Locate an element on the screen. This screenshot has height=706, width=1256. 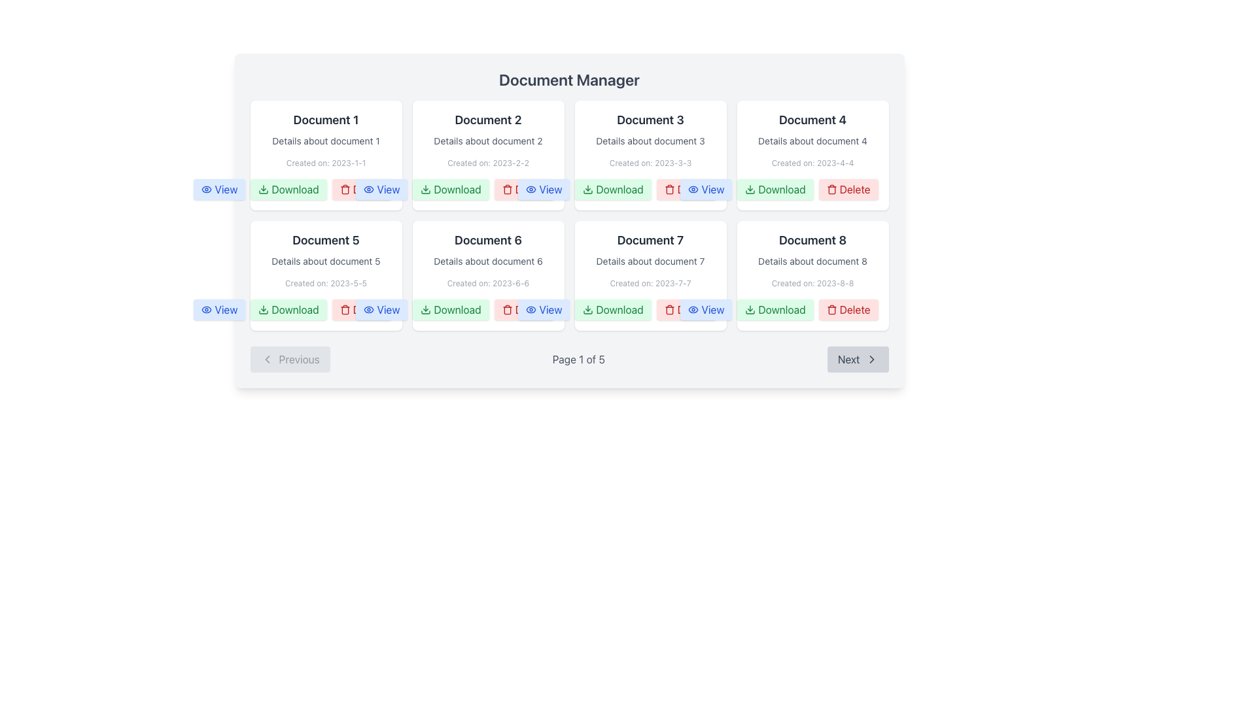
the text display element that shows the title 'Document 2' along with its details including 'Created on: 2023-2-2' is located at coordinates (487, 139).